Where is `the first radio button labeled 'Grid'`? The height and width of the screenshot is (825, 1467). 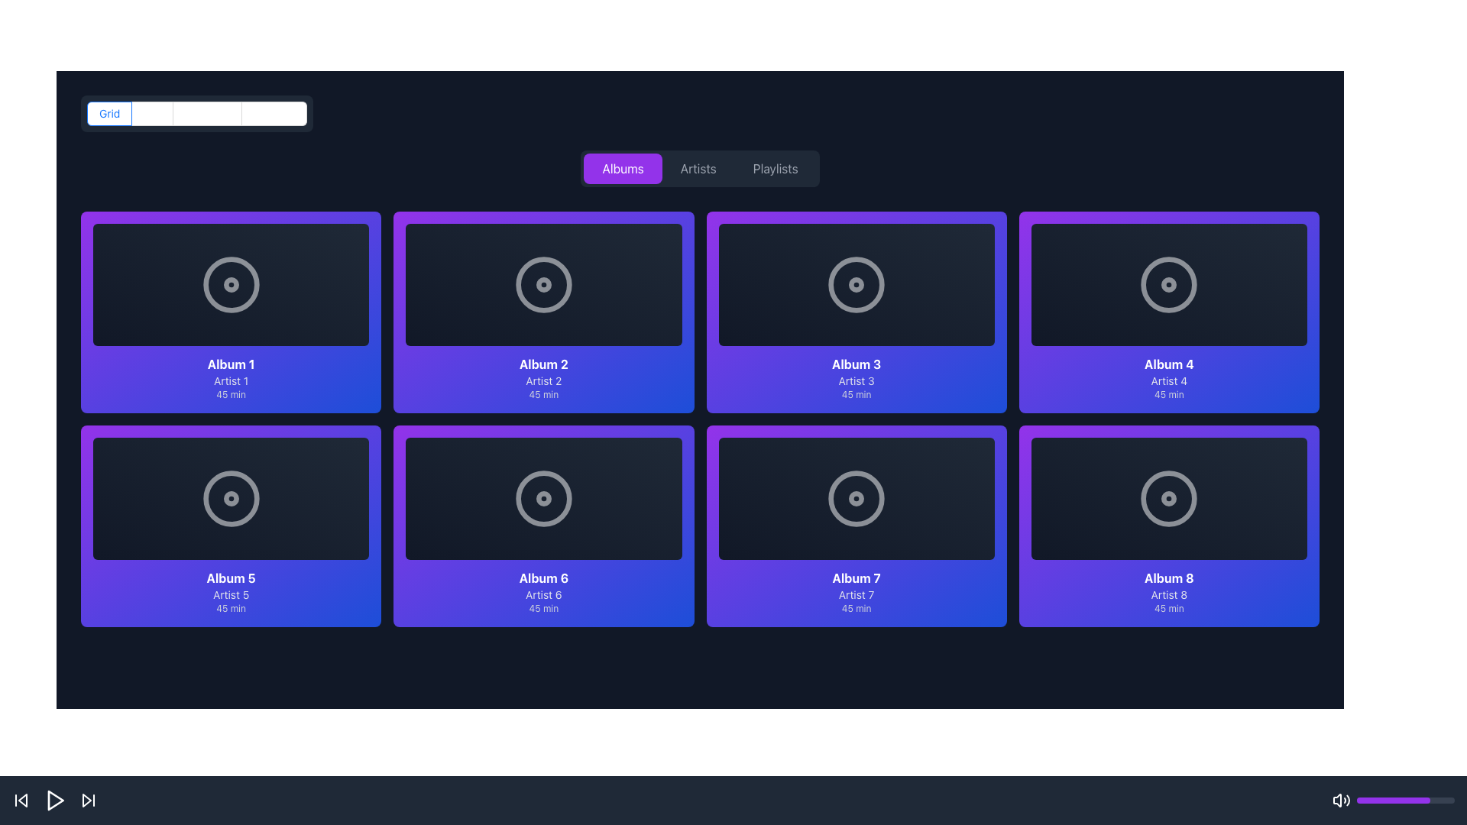
the first radio button labeled 'Grid' is located at coordinates (108, 113).